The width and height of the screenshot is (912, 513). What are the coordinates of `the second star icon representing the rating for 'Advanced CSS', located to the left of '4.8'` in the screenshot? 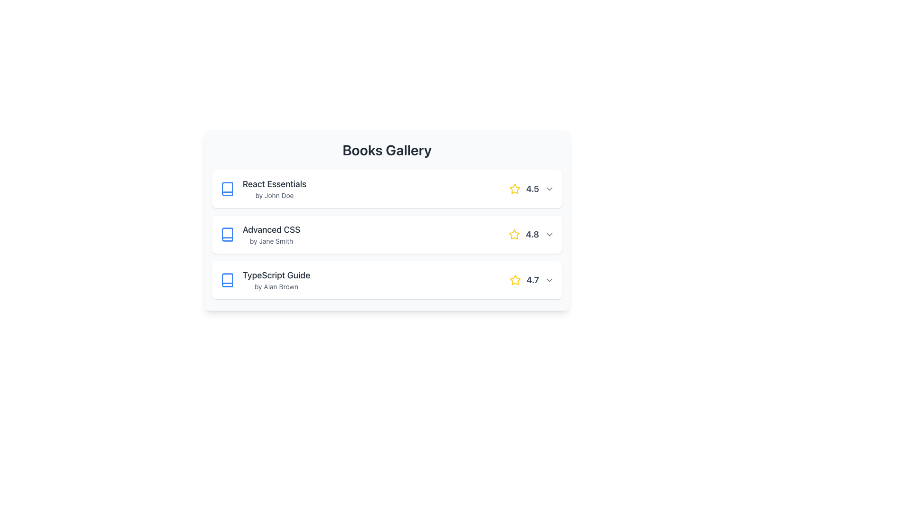 It's located at (514, 234).